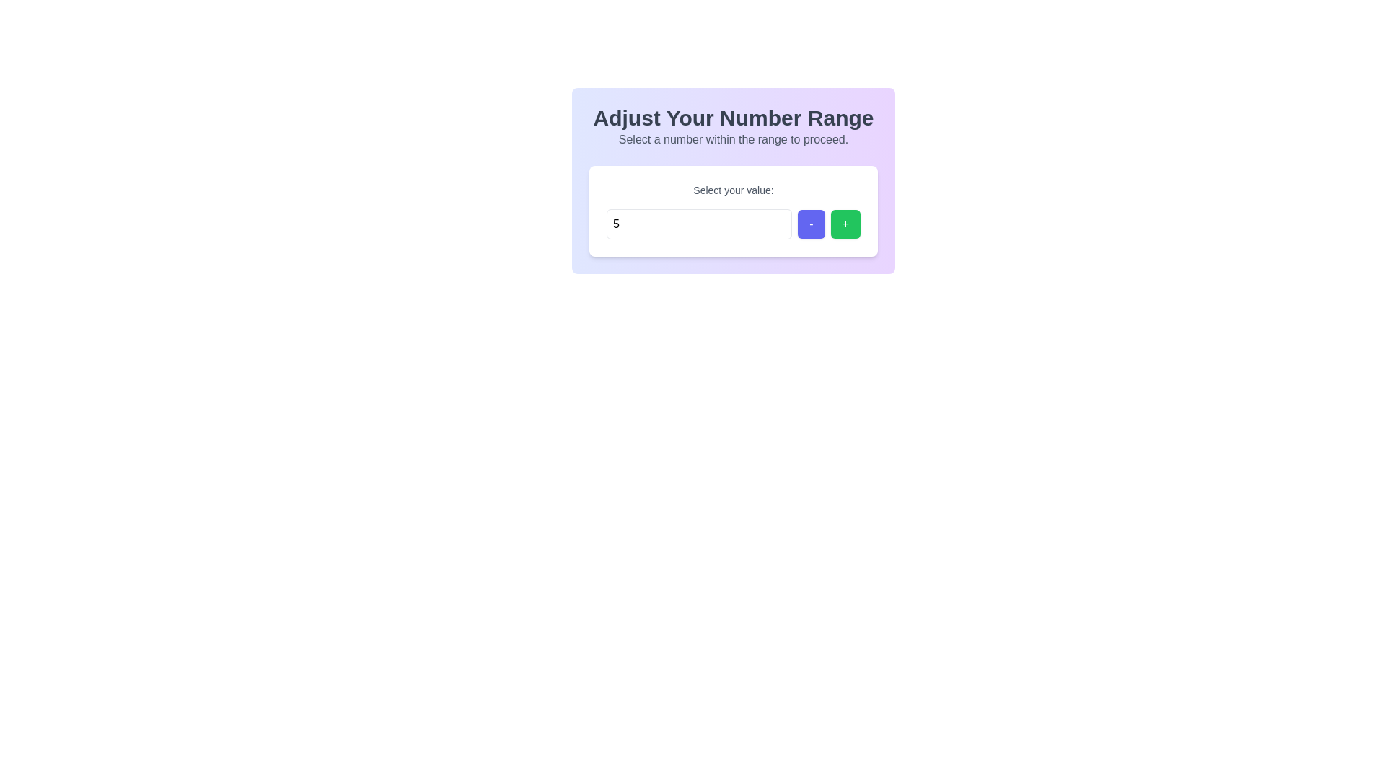  I want to click on the static text that provides instructions for selecting a number within the range, located directly below the heading 'Adjust Your Number Range.', so click(734, 139).